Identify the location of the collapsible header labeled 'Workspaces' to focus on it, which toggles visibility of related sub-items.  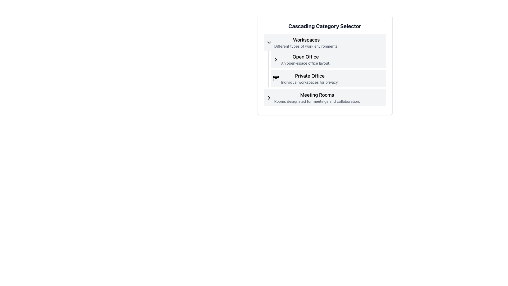
(324, 42).